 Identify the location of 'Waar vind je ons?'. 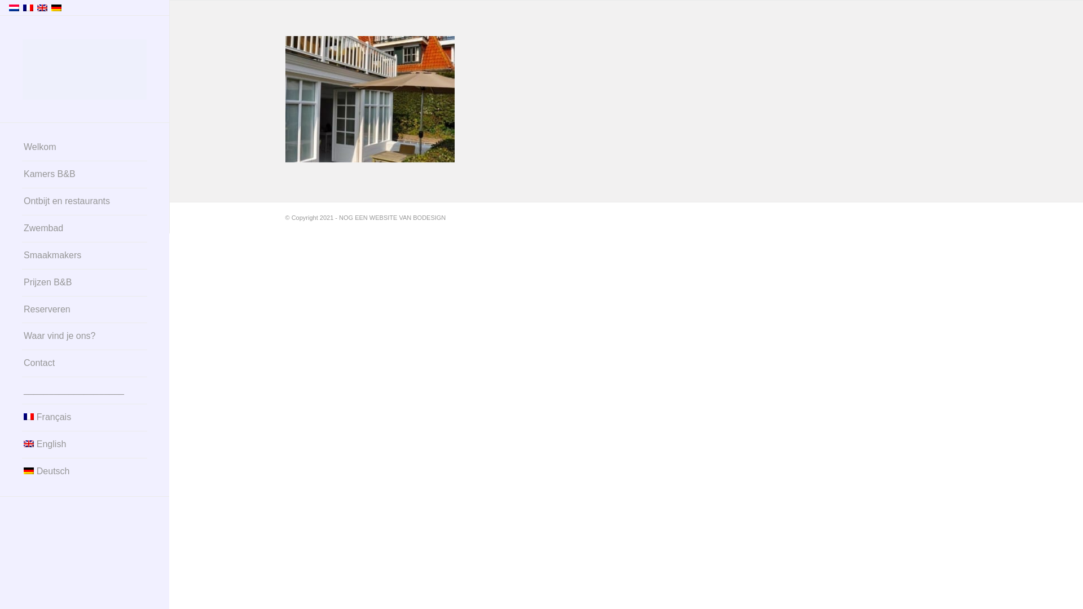
(83, 336).